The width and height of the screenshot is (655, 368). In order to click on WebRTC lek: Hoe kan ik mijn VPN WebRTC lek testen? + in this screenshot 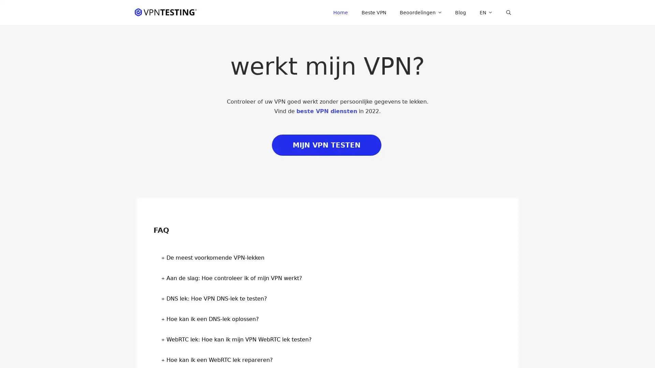, I will do `click(327, 339)`.